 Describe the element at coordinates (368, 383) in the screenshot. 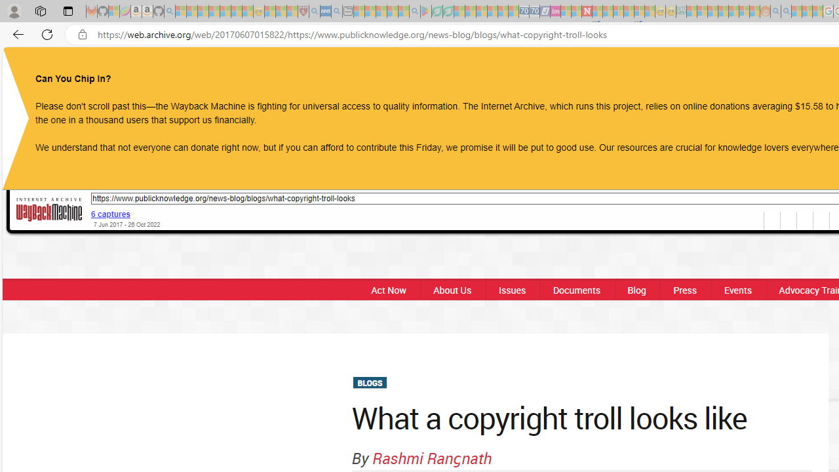

I see `'BLOGS'` at that location.